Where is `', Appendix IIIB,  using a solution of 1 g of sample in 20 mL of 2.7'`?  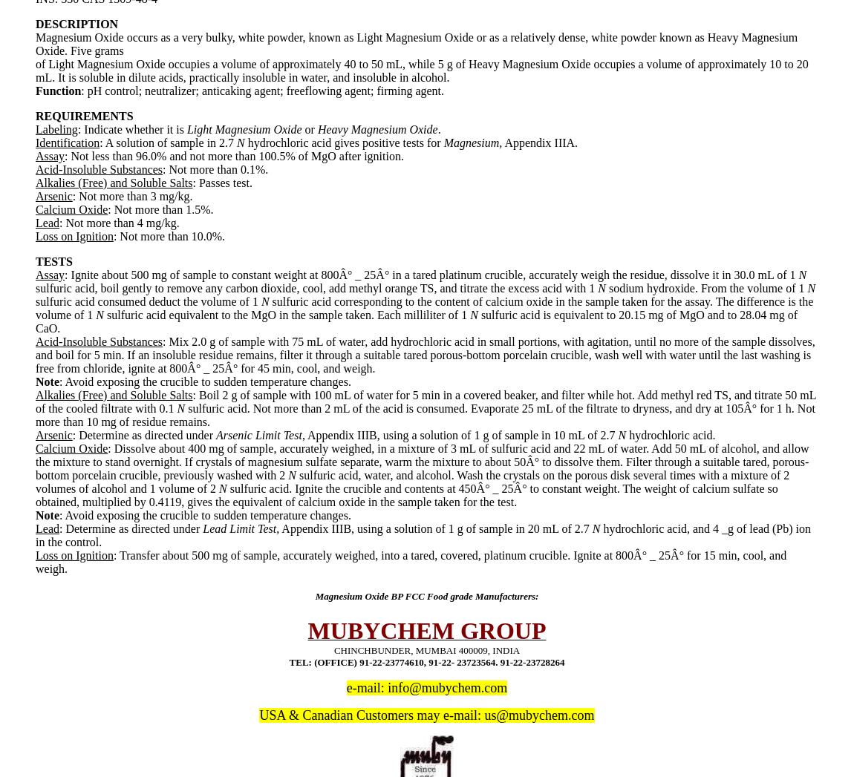 ', Appendix IIIB,  using a solution of 1 g of sample in 20 mL of 2.7' is located at coordinates (433, 527).